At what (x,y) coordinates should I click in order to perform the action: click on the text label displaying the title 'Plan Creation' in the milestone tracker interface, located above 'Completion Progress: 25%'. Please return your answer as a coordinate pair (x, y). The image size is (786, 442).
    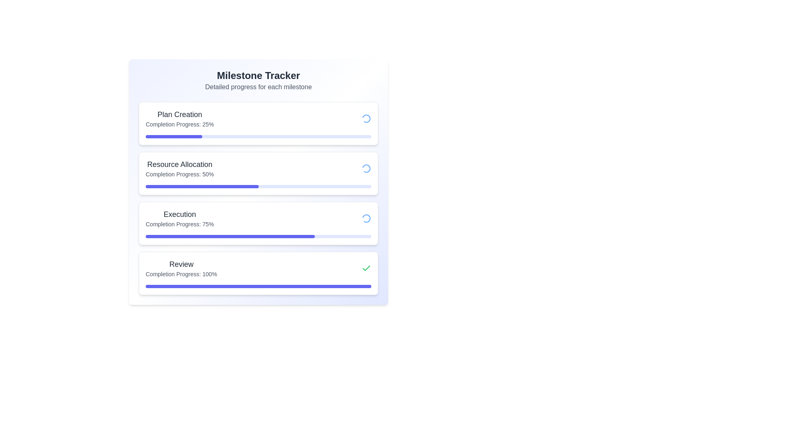
    Looking at the image, I should click on (179, 115).